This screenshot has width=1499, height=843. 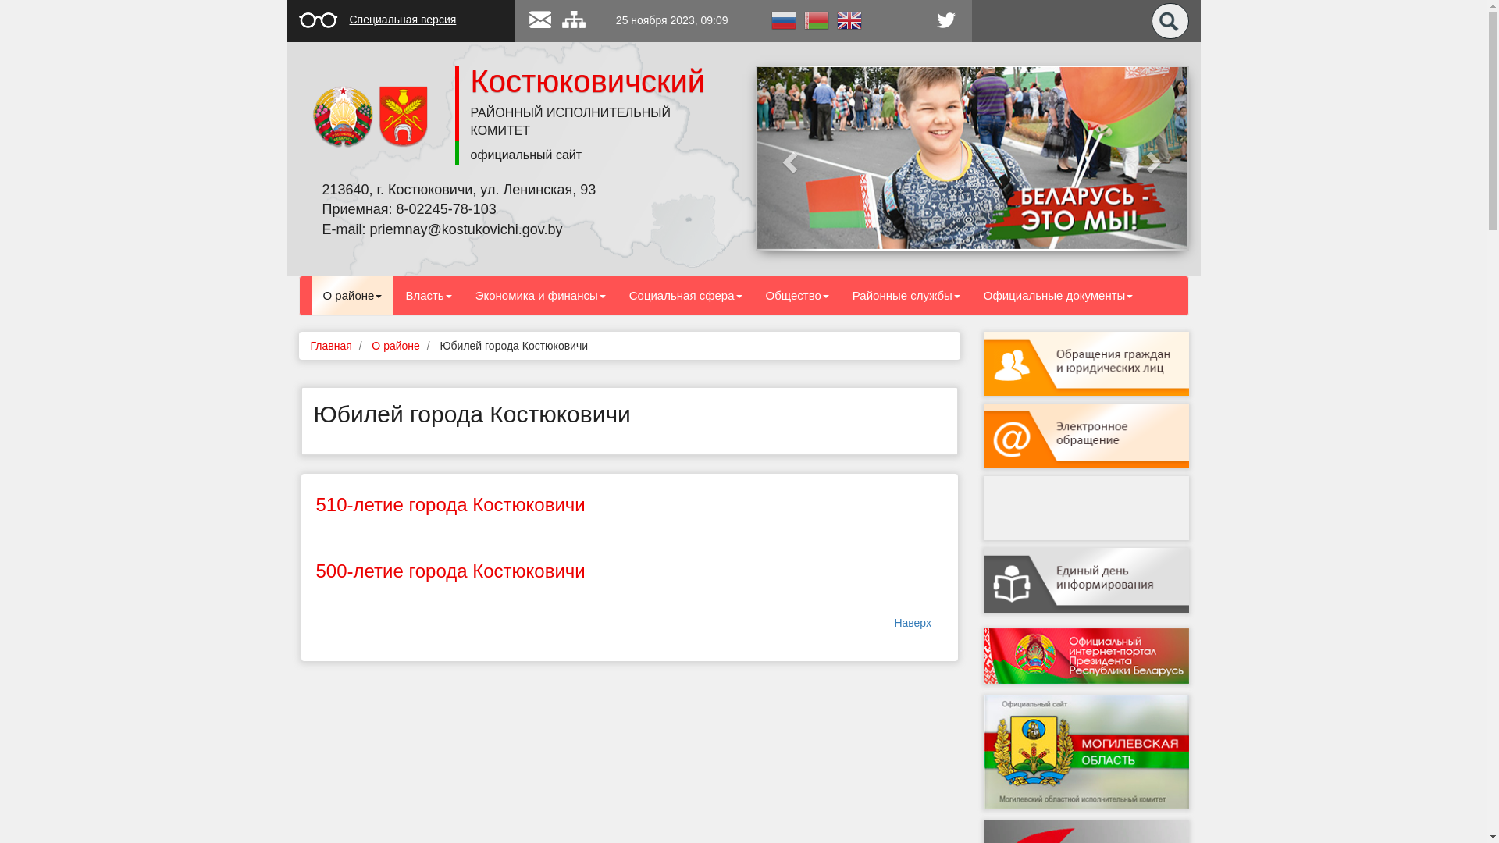 What do you see at coordinates (815, 19) in the screenshot?
I see `'Belarusian'` at bounding box center [815, 19].